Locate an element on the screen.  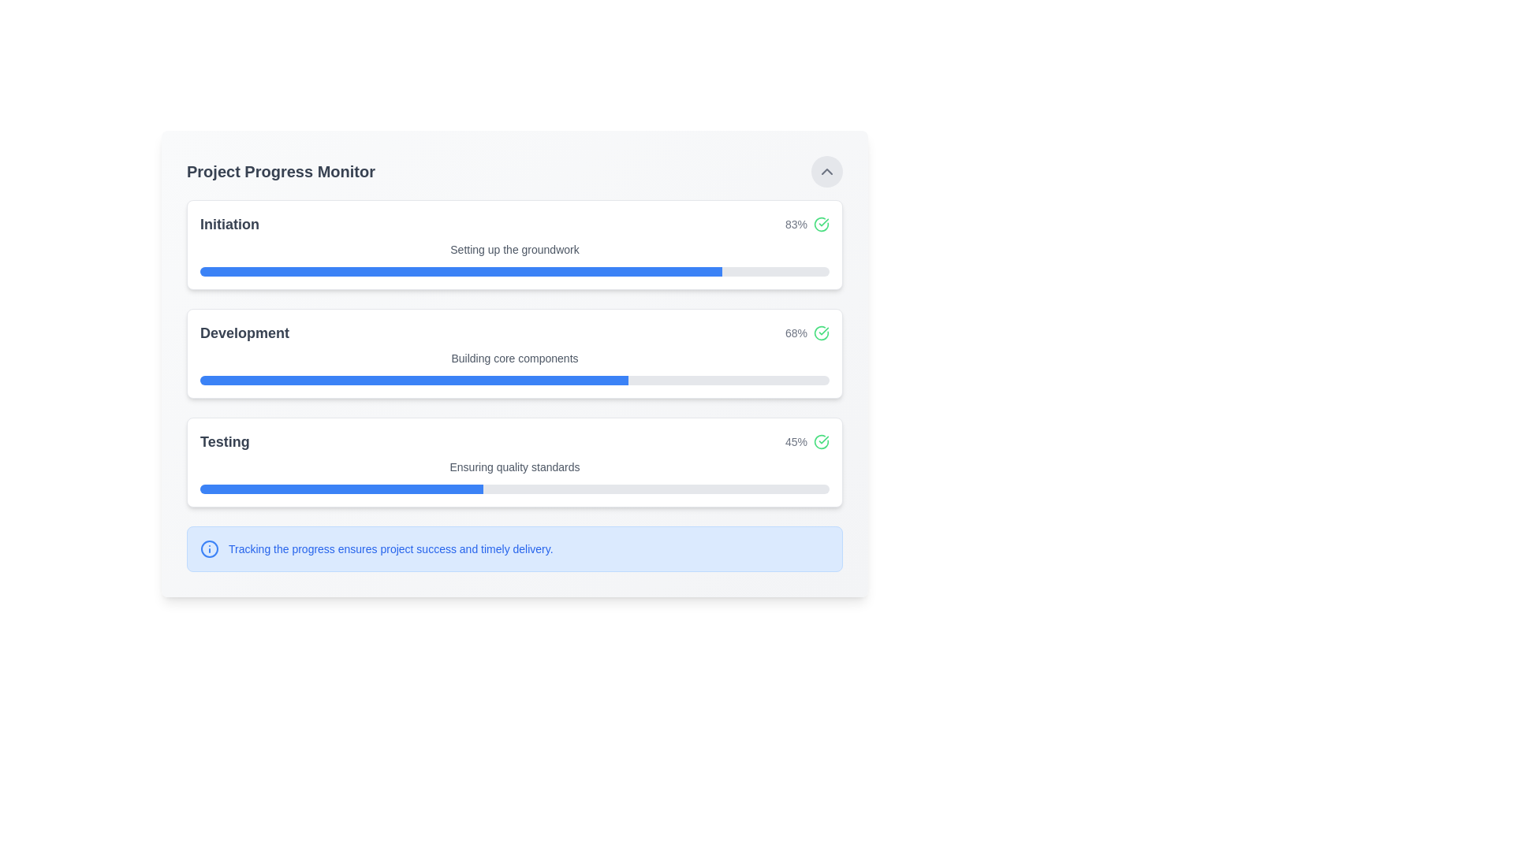
the progress percentage is located at coordinates (439, 380).